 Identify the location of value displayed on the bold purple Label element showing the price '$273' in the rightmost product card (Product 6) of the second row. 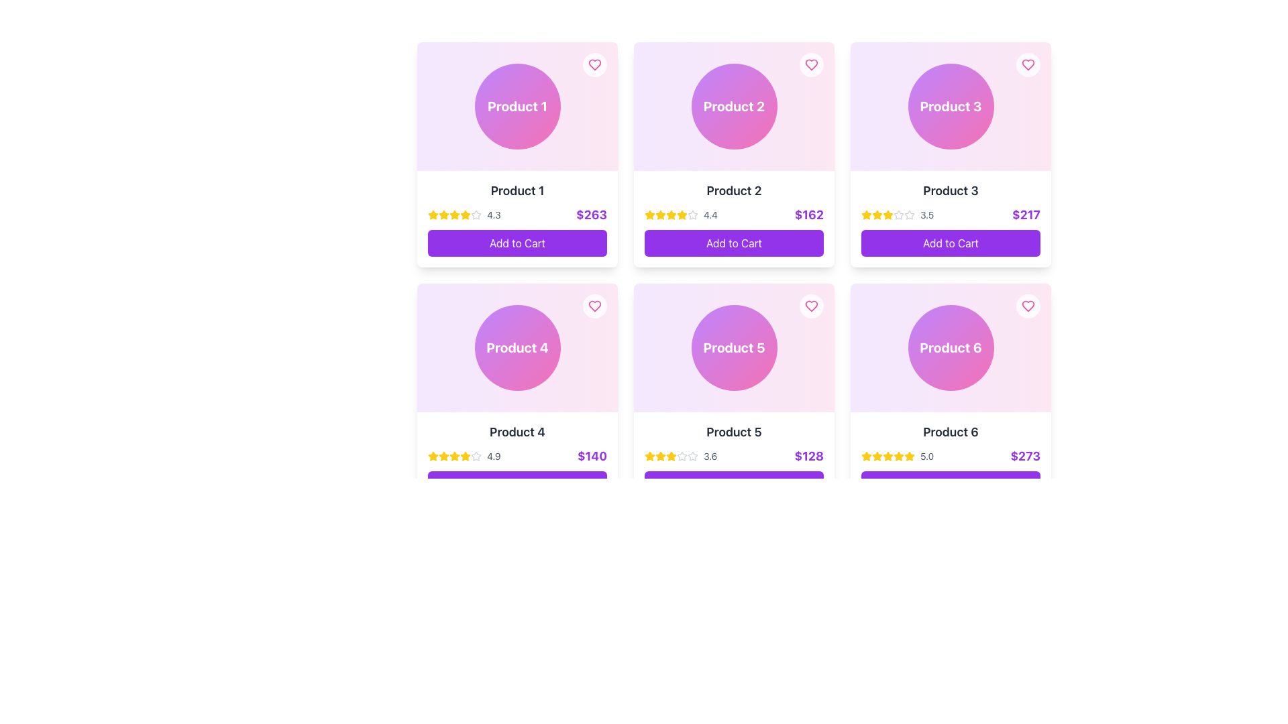
(1024, 456).